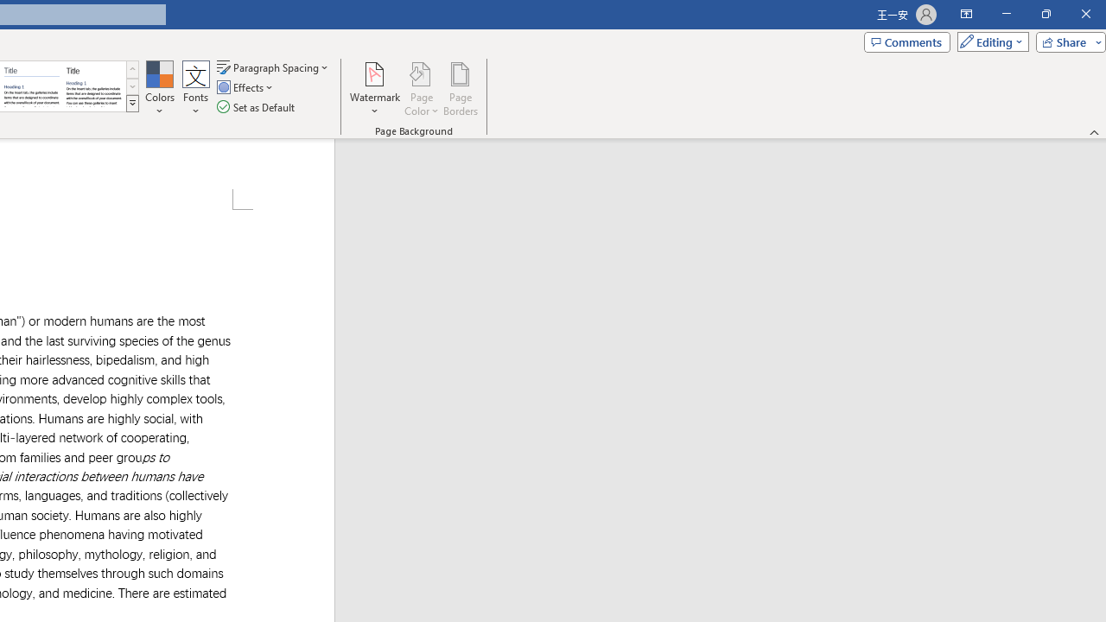 The height and width of the screenshot is (622, 1106). Describe the element at coordinates (196, 89) in the screenshot. I see `'Fonts'` at that location.